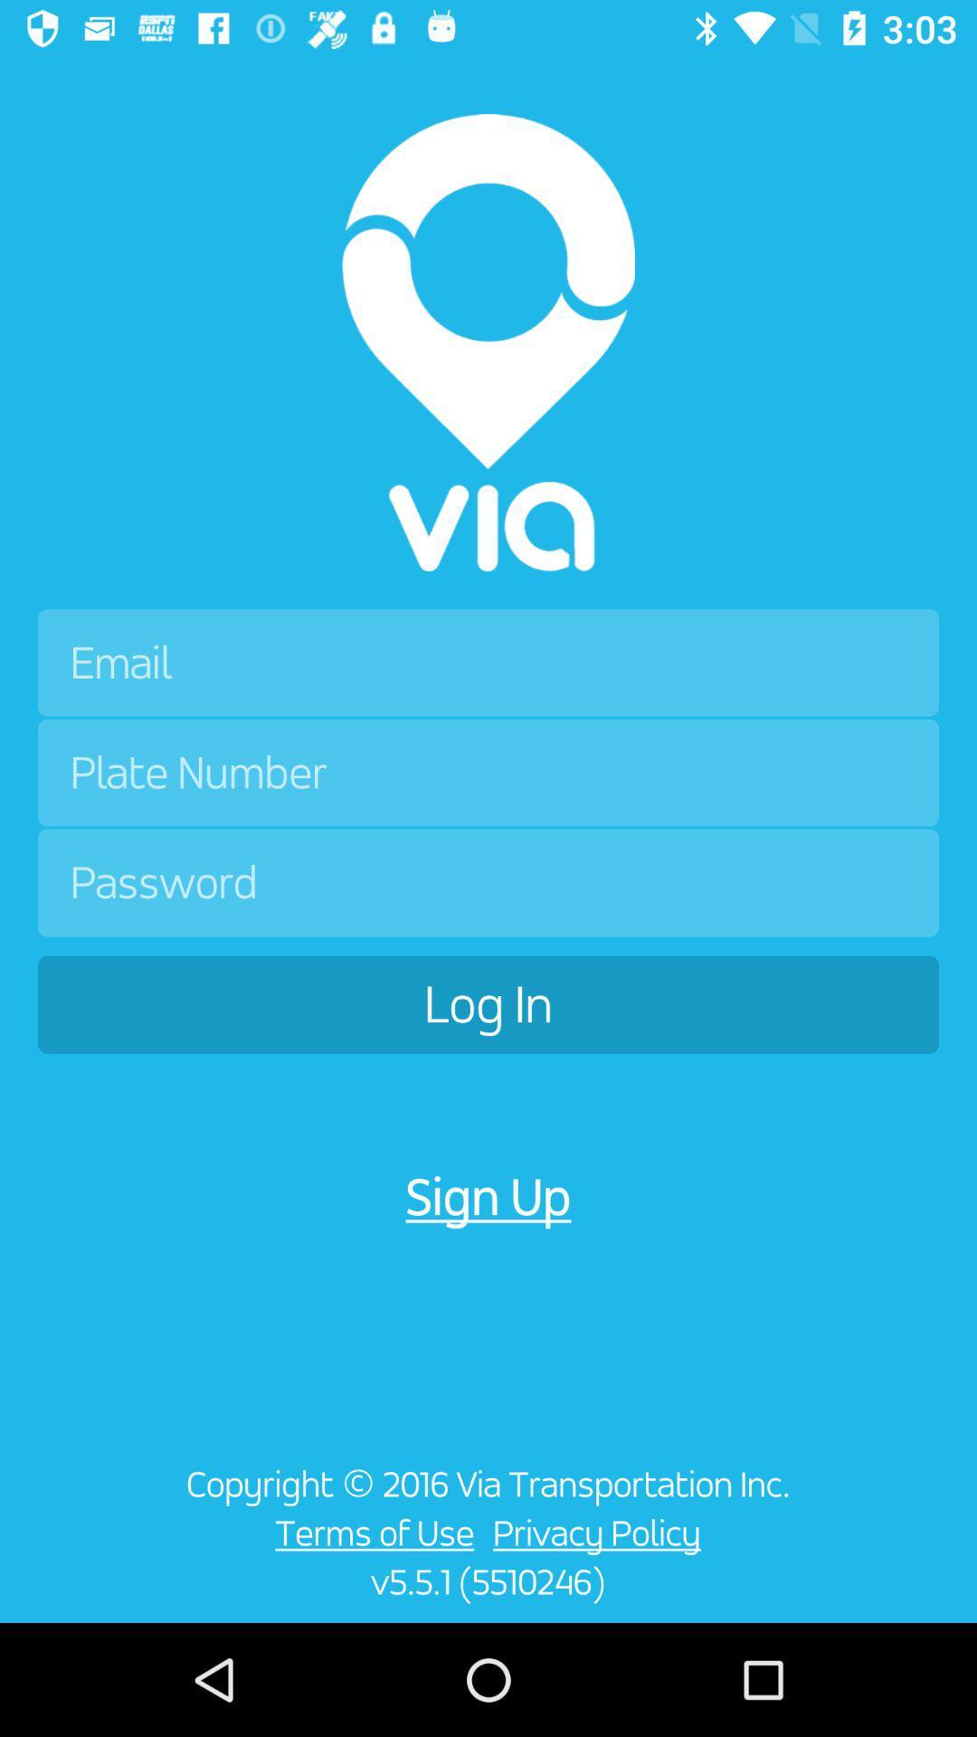 The image size is (977, 1737). What do you see at coordinates (77, 1543) in the screenshot?
I see `the item next to the terms of use icon` at bounding box center [77, 1543].